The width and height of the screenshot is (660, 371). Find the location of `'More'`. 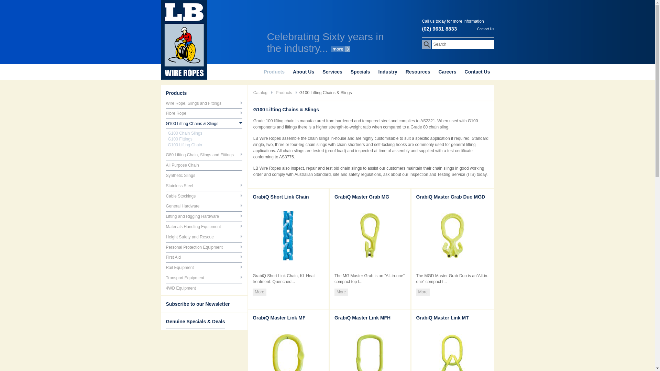

'More' is located at coordinates (341, 292).